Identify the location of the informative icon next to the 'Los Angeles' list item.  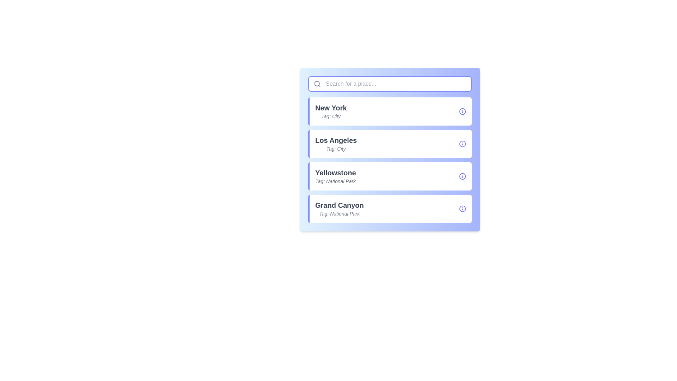
(462, 144).